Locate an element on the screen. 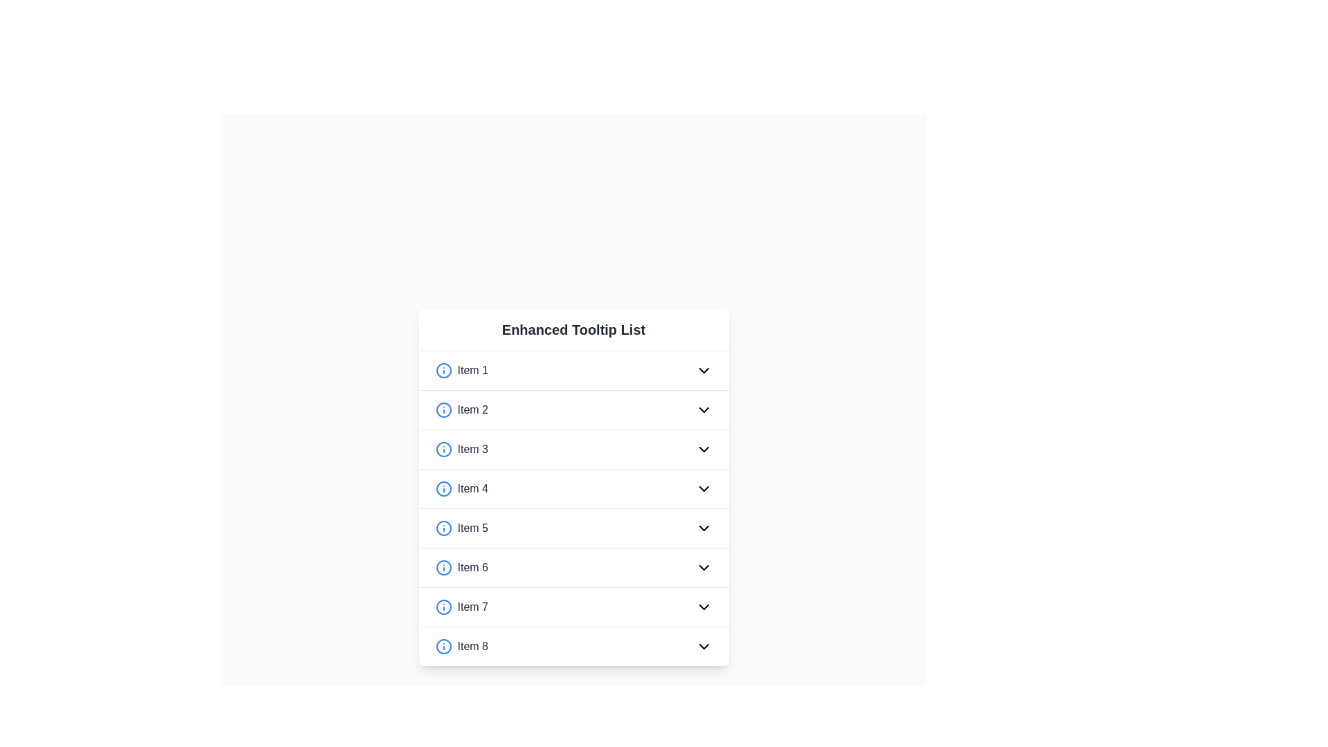 The image size is (1328, 747). the SVG circle located in the fourth row, to the left of the text label 'Item 4', which is part of an information icon is located at coordinates (443, 488).